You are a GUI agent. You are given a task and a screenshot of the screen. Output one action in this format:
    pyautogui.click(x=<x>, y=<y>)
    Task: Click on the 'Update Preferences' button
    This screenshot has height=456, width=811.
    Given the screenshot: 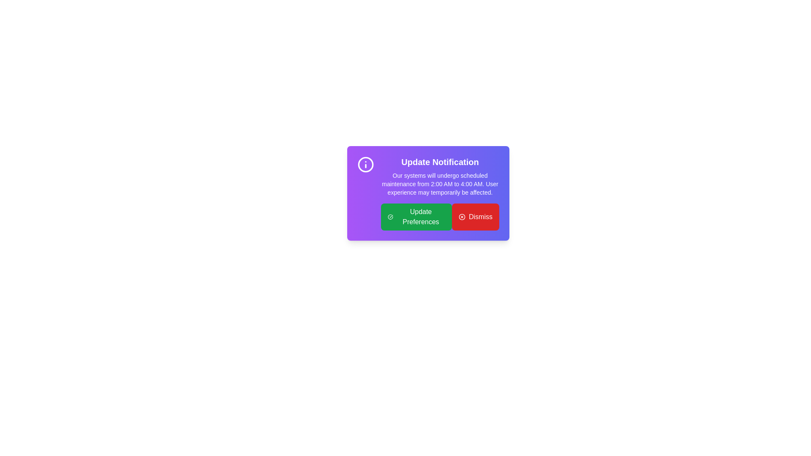 What is the action you would take?
    pyautogui.click(x=416, y=216)
    